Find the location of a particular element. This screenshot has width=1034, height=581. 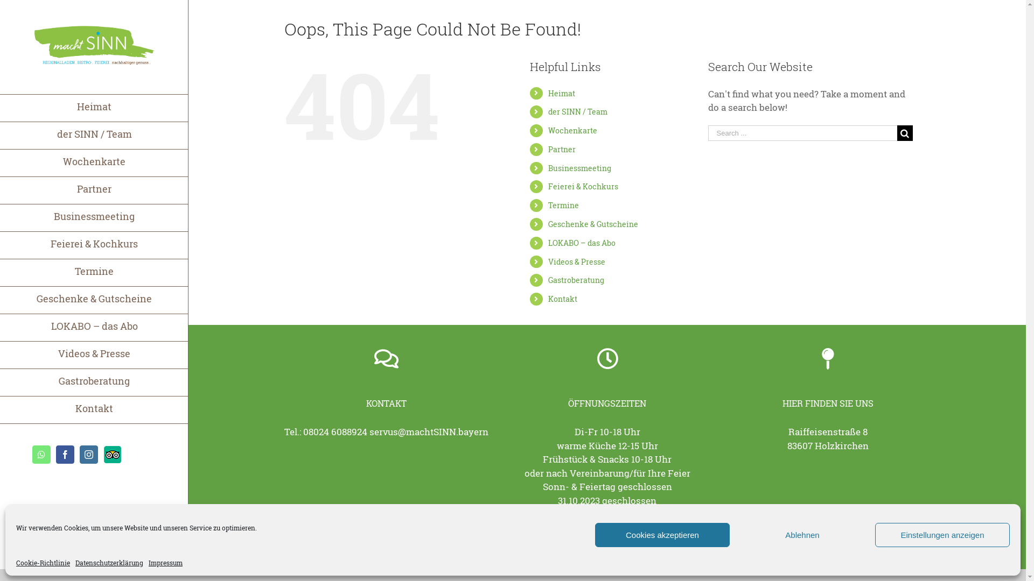

'servus@machtSINN.bayern' is located at coordinates (369, 431).